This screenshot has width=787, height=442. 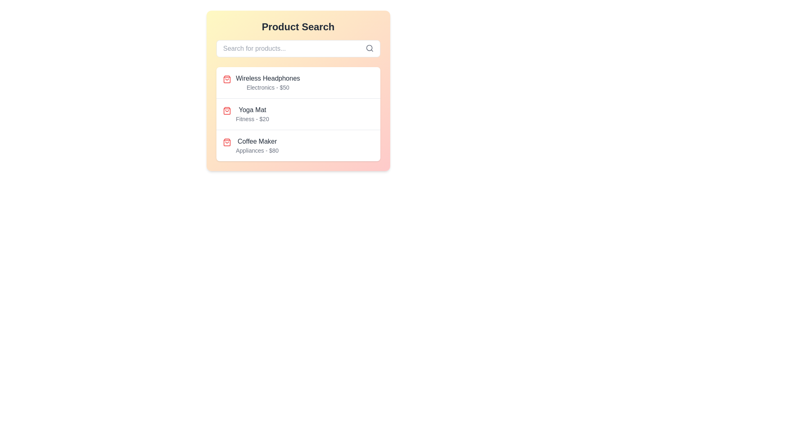 What do you see at coordinates (227, 142) in the screenshot?
I see `the shopping bag icon located to the left of the text 'Coffee Maker Appliances - $80'` at bounding box center [227, 142].